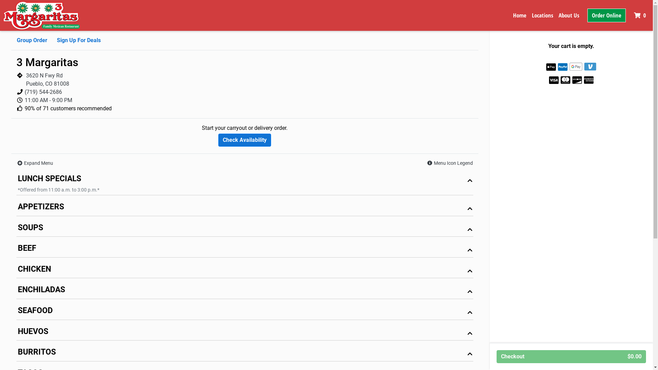 The height and width of the screenshot is (370, 658). What do you see at coordinates (576, 66) in the screenshot?
I see `'Accepts Google Pay'` at bounding box center [576, 66].